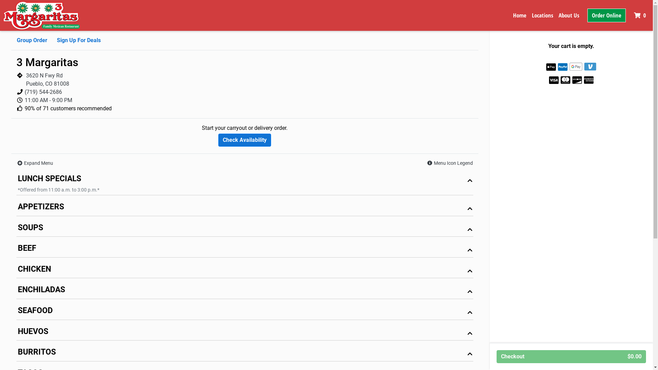 The height and width of the screenshot is (370, 658). What do you see at coordinates (576, 66) in the screenshot?
I see `'Accepts Google Pay'` at bounding box center [576, 66].